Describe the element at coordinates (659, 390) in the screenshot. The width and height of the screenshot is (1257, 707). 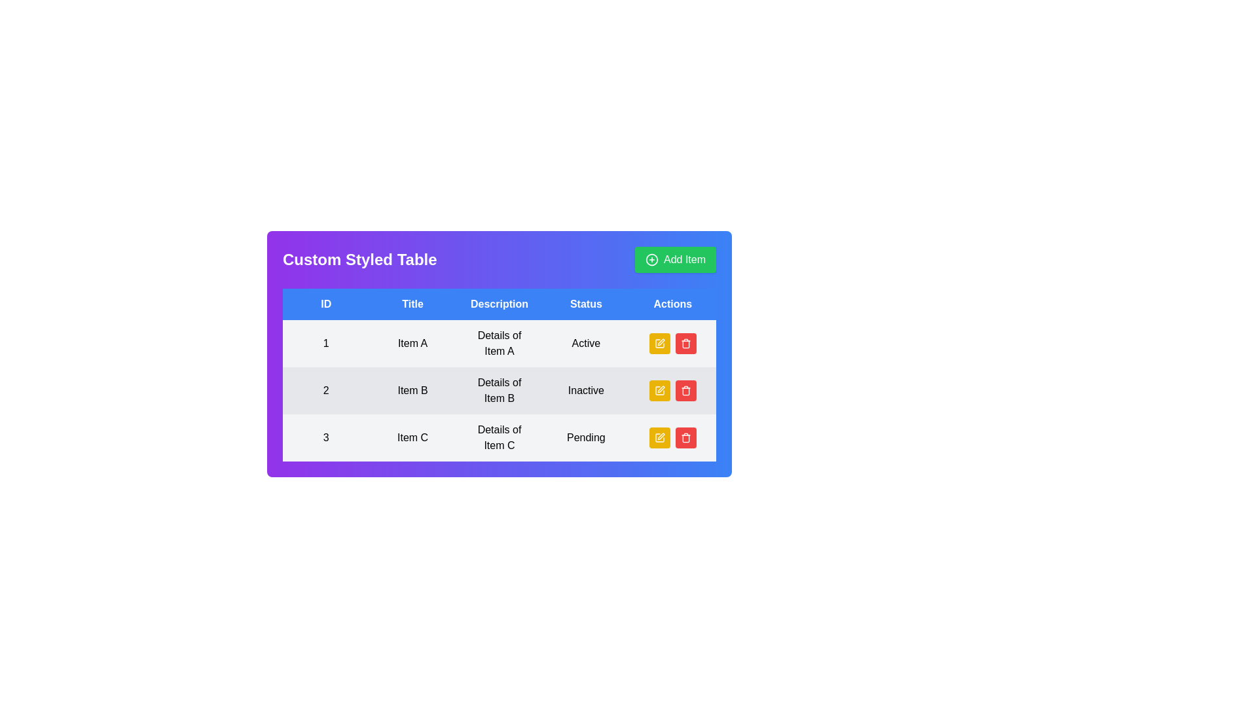
I see `the rectangular yellow button with a white pencil icon in the 'Actions' column for the second row associated with 'Item B' to observe any hover effects` at that location.